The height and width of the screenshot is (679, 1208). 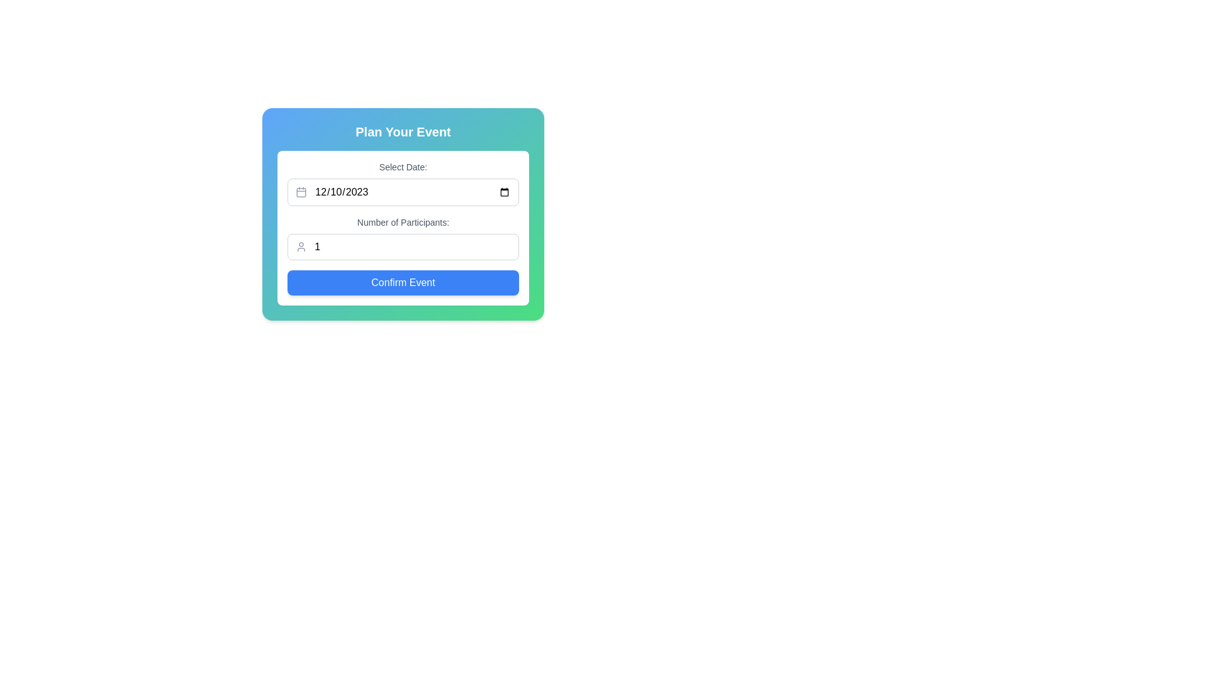 I want to click on the small, rounded rectangle SVG element that is part of the calendar icon, located to the left of the 'Select Date:' text field, so click(x=301, y=192).